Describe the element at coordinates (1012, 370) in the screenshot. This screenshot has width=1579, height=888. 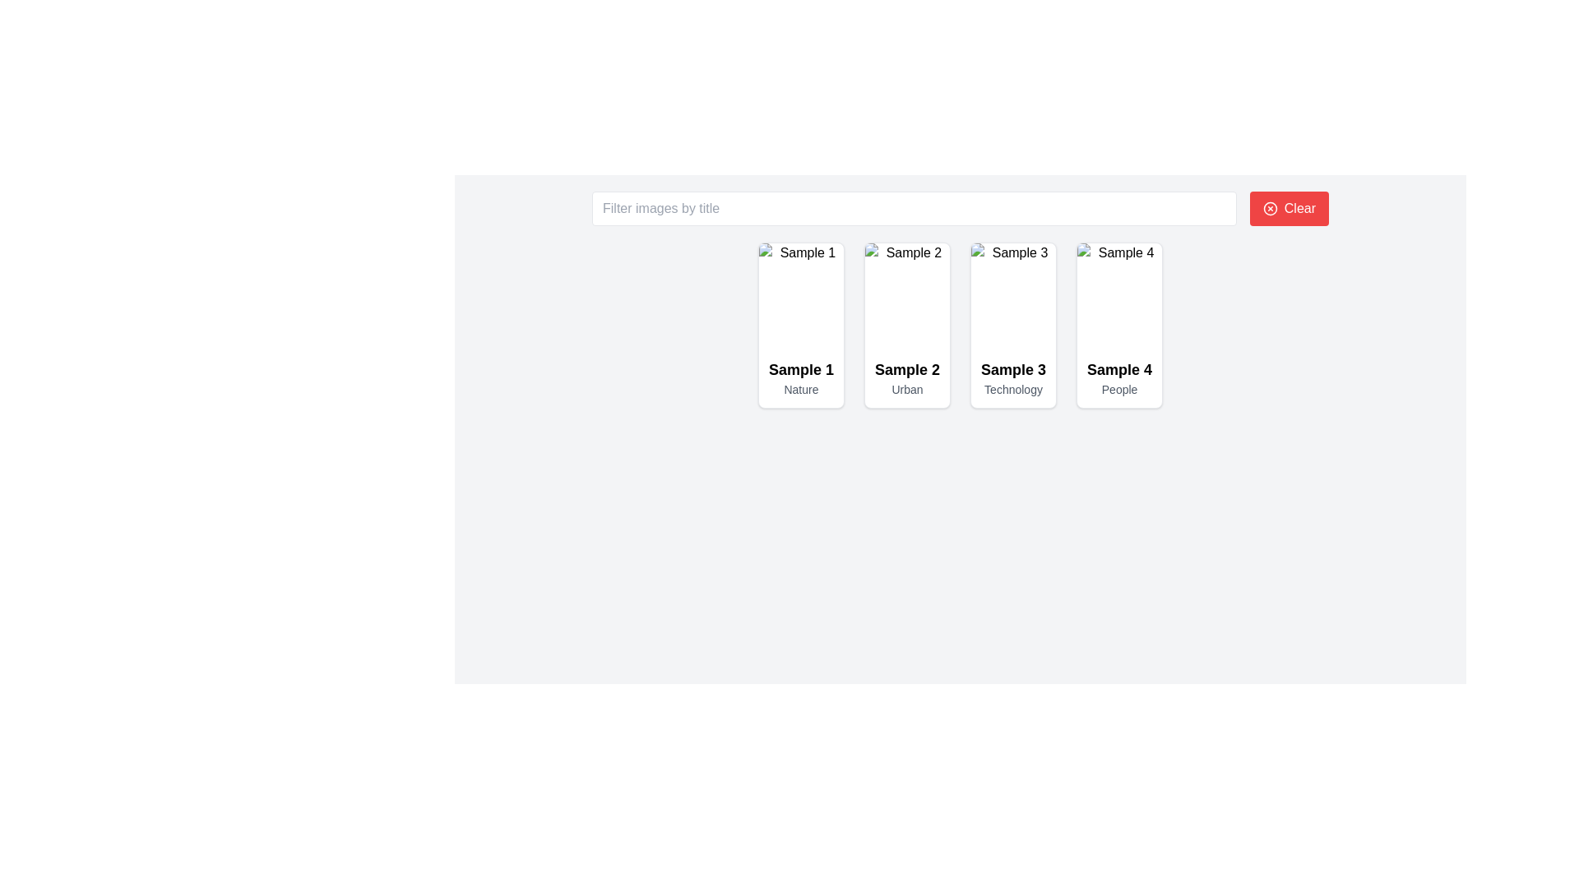
I see `text 'Sample 3' displayed prominently in bold font, located above 'Technology' within the card layout` at that location.